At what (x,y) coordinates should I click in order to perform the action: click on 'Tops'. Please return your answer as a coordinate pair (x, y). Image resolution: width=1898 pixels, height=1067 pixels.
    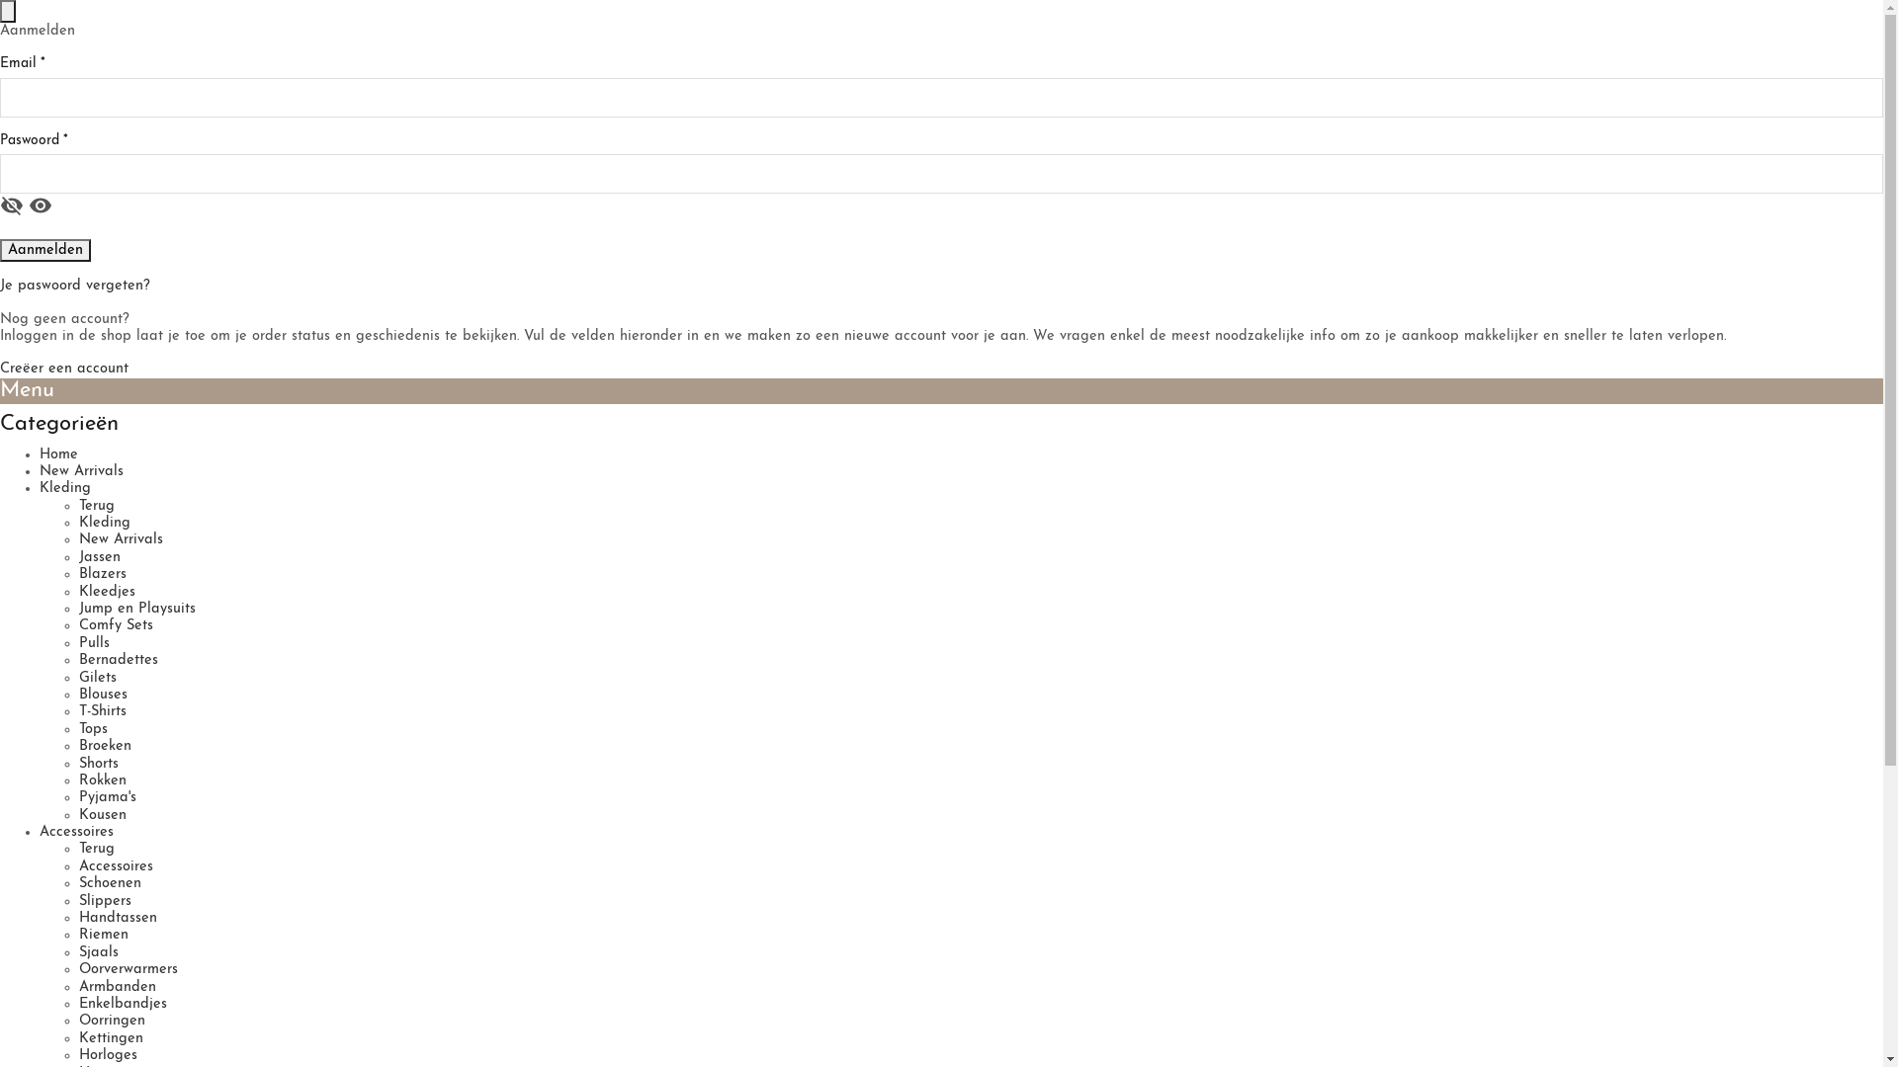
    Looking at the image, I should click on (79, 729).